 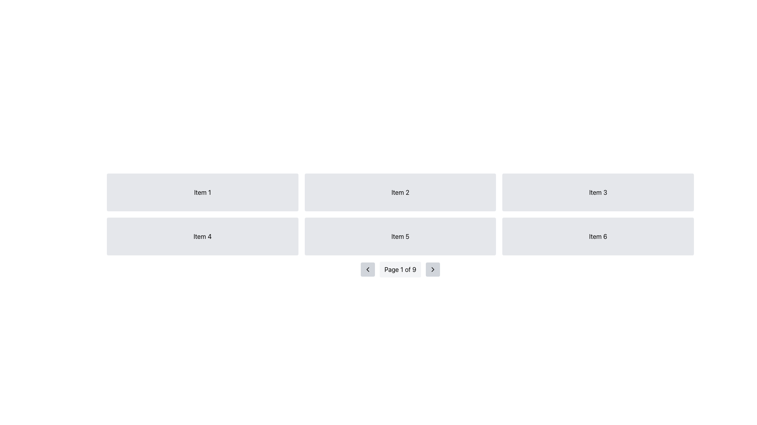 I want to click on the sixth item in the grid layout, located in the bottom-right position, directly below 'Item 3', so click(x=598, y=236).